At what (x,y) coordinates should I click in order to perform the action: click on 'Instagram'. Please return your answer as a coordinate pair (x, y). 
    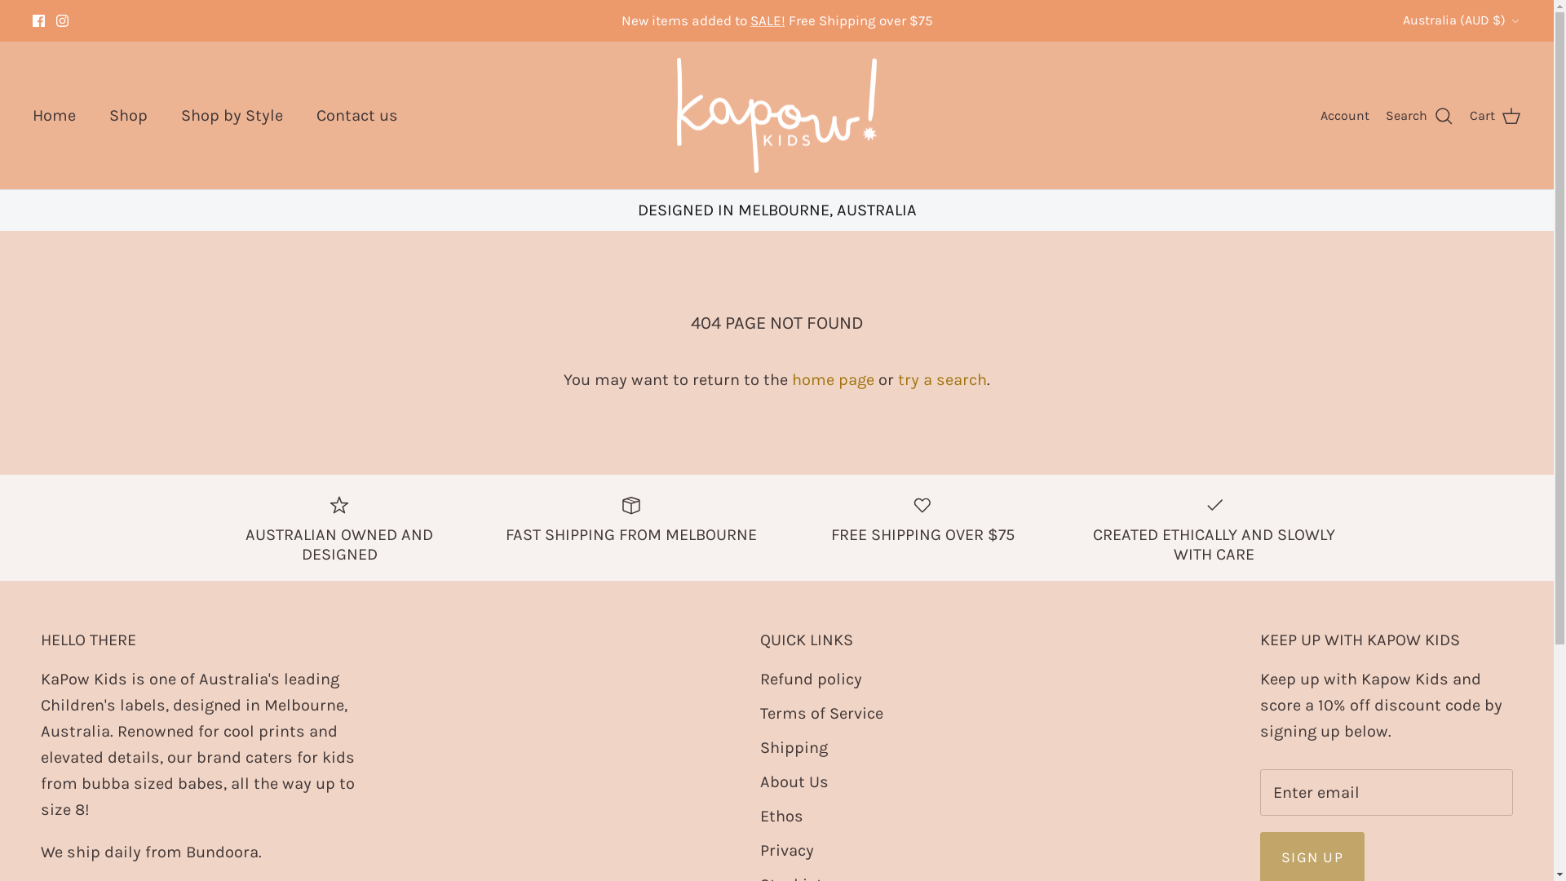
    Looking at the image, I should click on (62, 20).